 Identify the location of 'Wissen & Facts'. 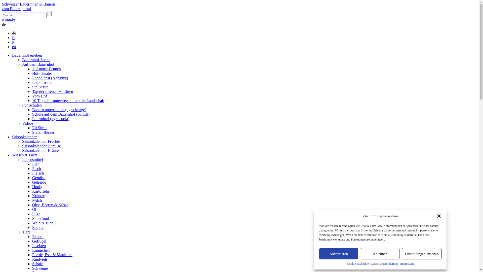
(24, 155).